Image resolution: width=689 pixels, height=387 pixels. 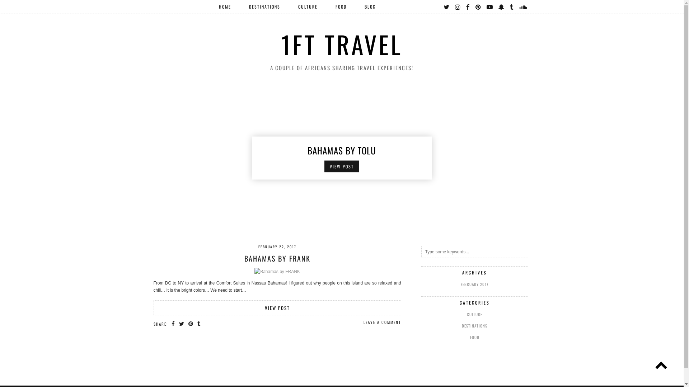 What do you see at coordinates (341, 149) in the screenshot?
I see `'BAHAMAS BY TOLU'` at bounding box center [341, 149].